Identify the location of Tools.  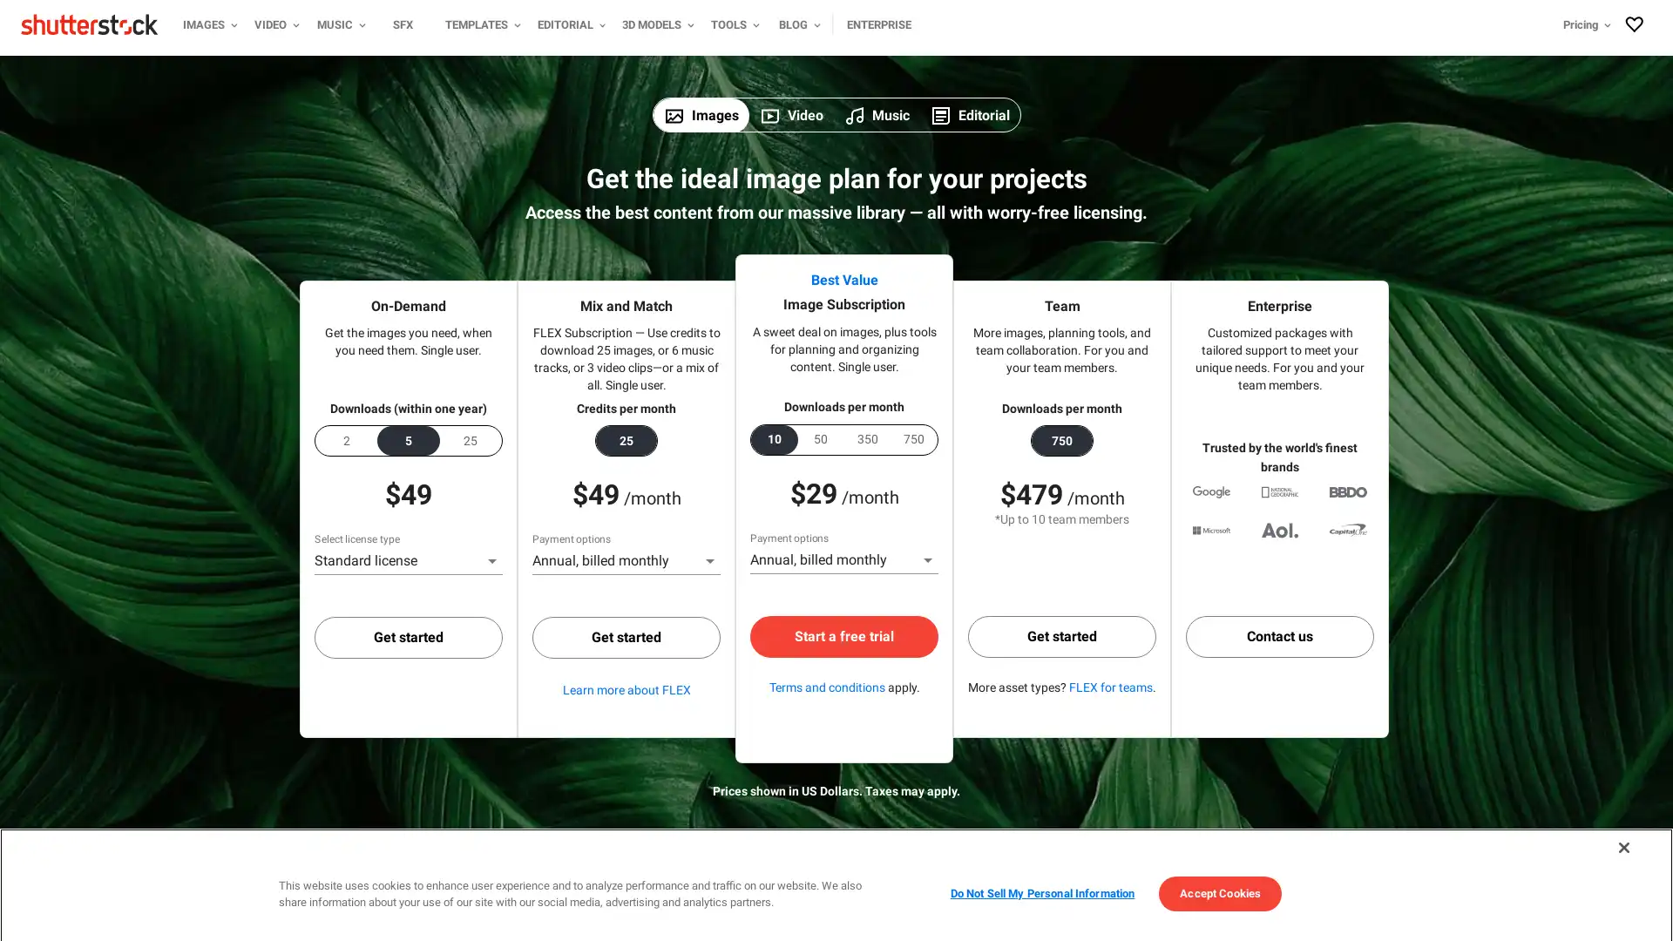
(733, 24).